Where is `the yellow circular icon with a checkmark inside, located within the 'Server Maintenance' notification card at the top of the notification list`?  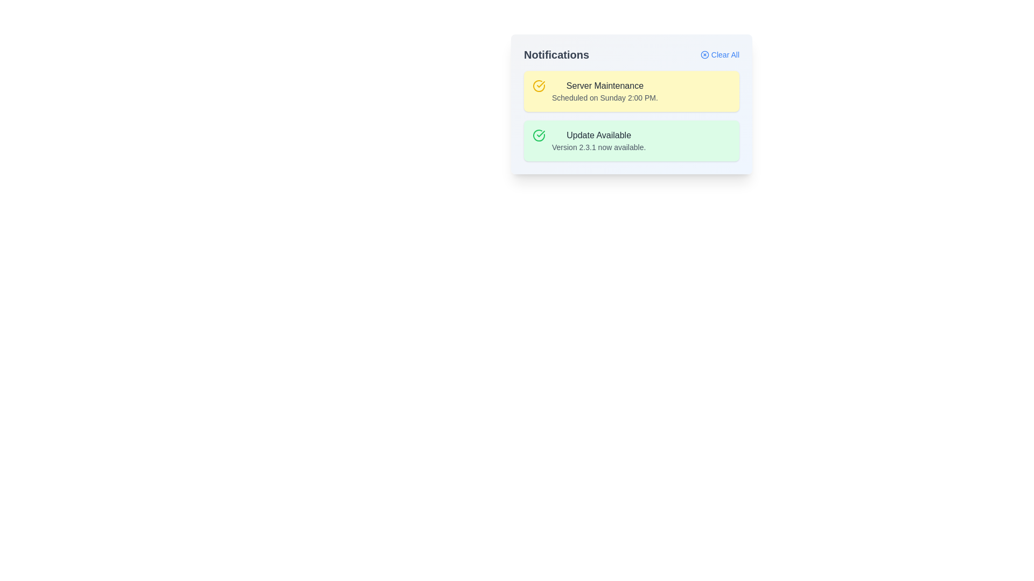
the yellow circular icon with a checkmark inside, located within the 'Server Maintenance' notification card at the top of the notification list is located at coordinates (539, 85).